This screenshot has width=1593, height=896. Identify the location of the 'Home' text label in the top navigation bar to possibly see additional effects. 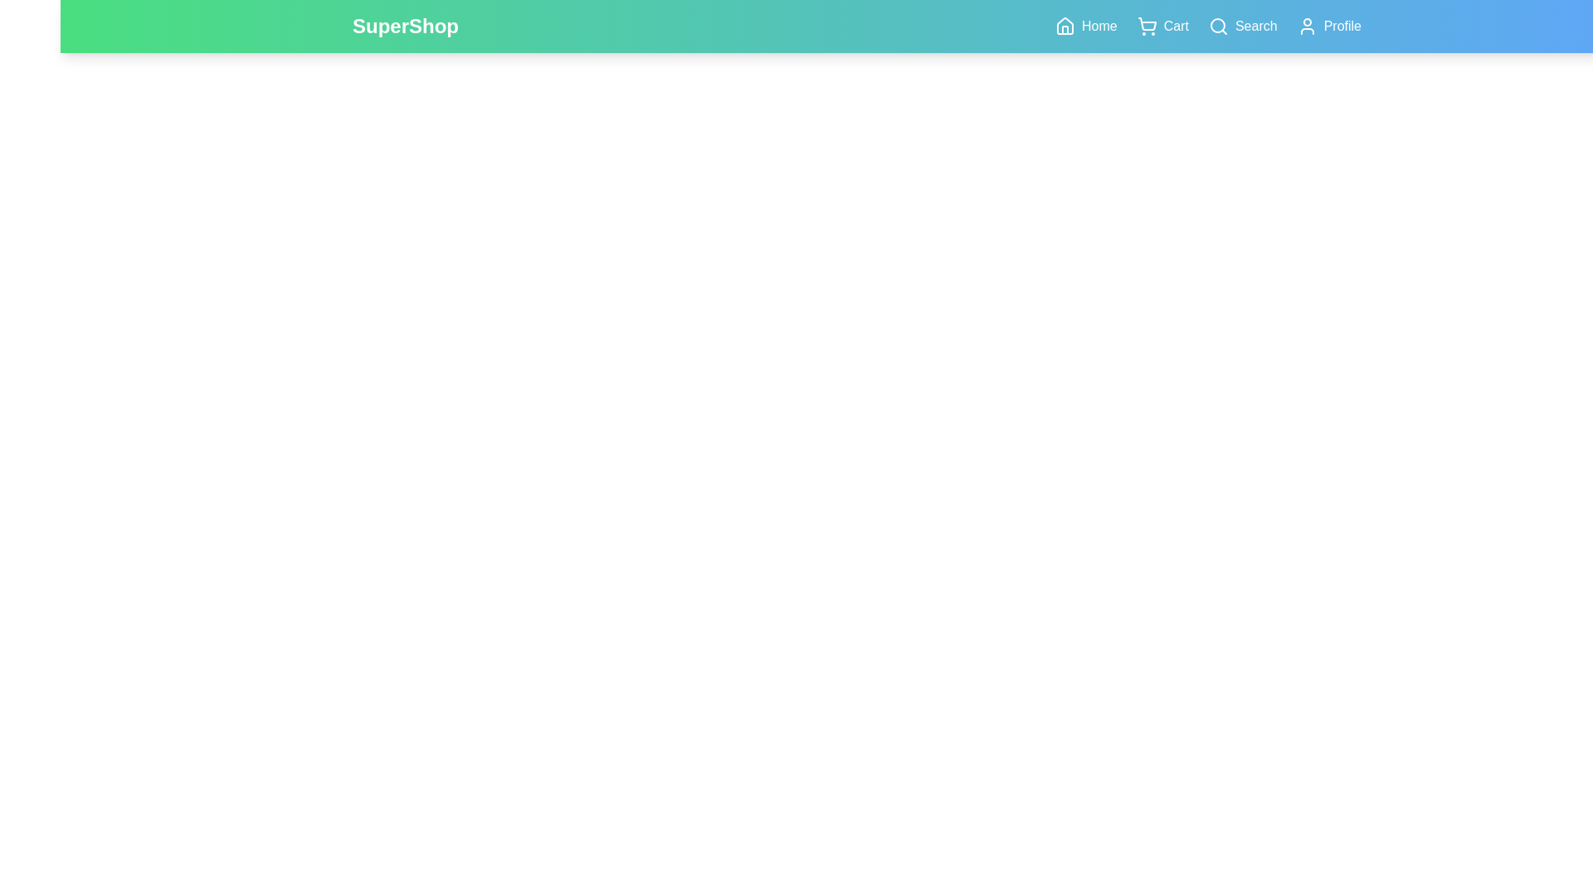
(1099, 26).